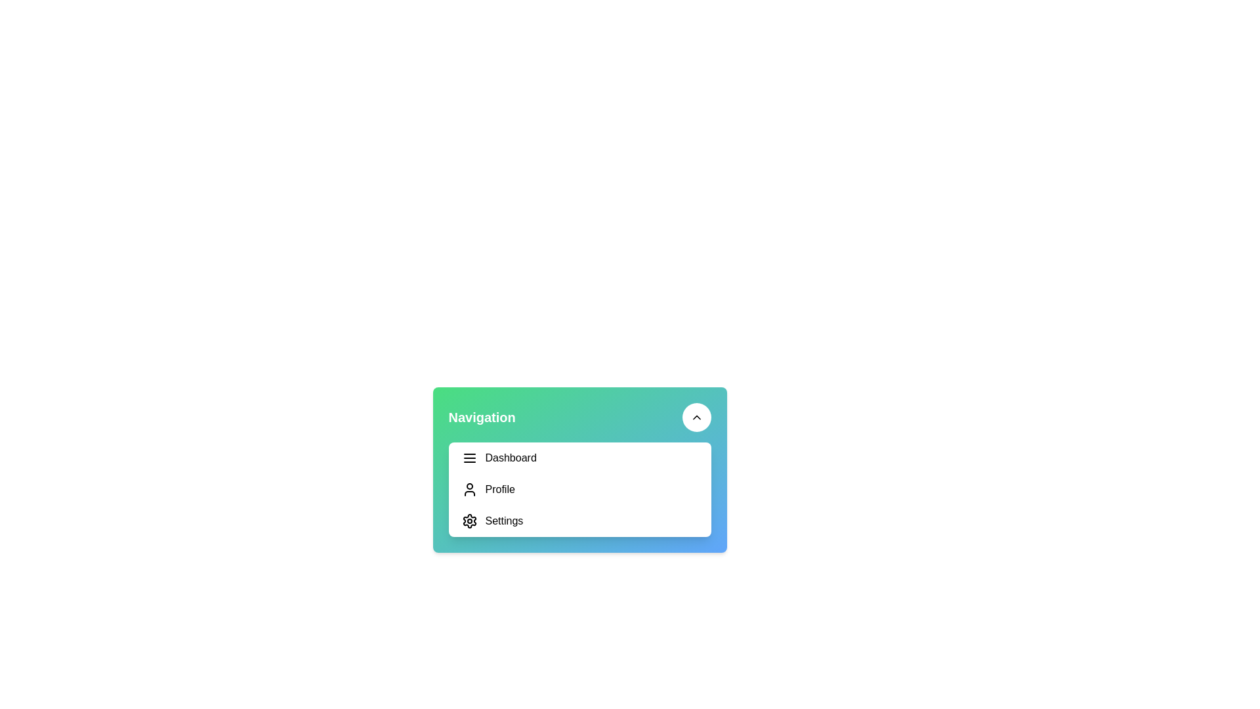 This screenshot has height=709, width=1260. What do you see at coordinates (469, 521) in the screenshot?
I see `the gear-shaped icon next to the 'Settings' text in the navigation list` at bounding box center [469, 521].